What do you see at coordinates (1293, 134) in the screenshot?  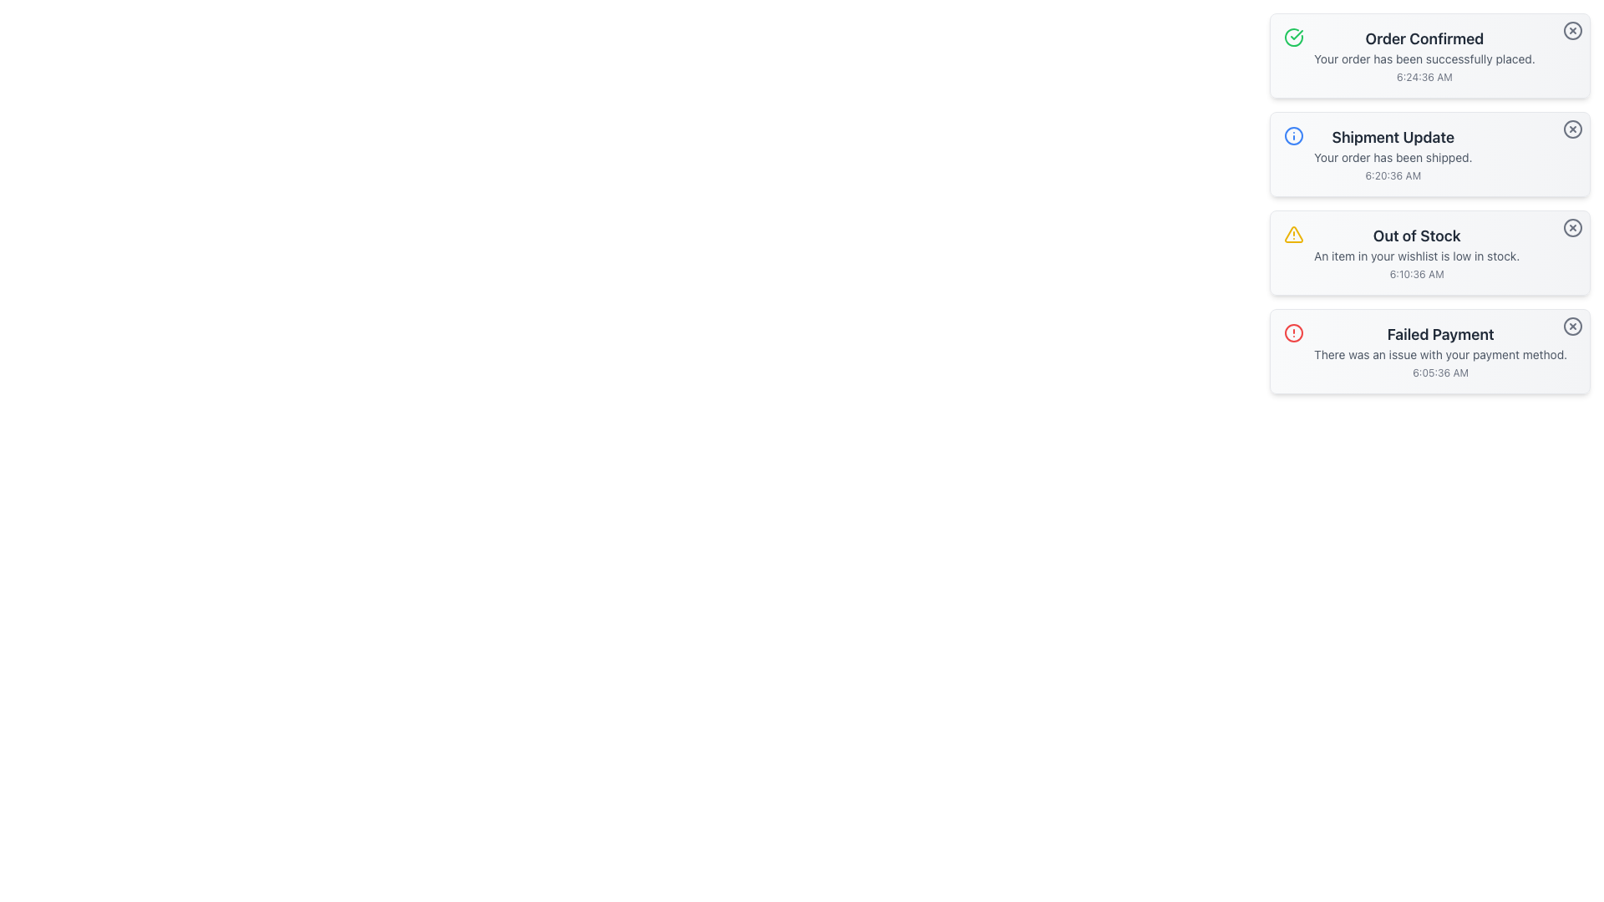 I see `the information icon in the top left corner of the 'Shipment Update' notification box to understand its context` at bounding box center [1293, 134].